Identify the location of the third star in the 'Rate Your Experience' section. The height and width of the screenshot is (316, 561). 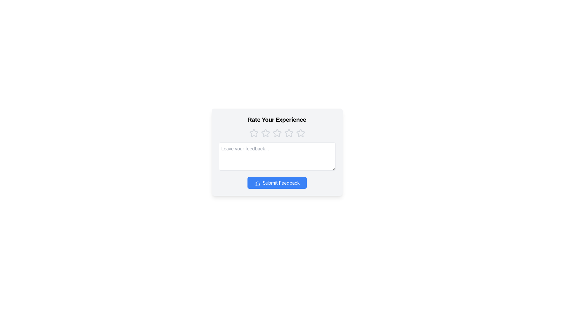
(277, 133).